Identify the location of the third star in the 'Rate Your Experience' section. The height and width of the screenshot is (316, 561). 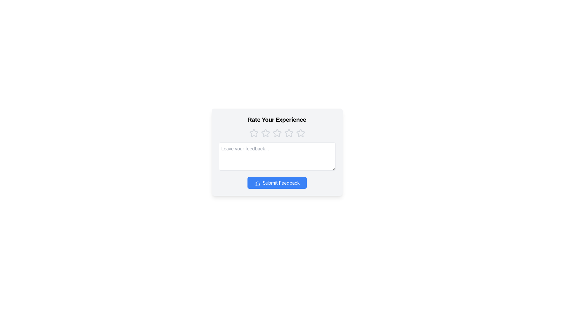
(277, 133).